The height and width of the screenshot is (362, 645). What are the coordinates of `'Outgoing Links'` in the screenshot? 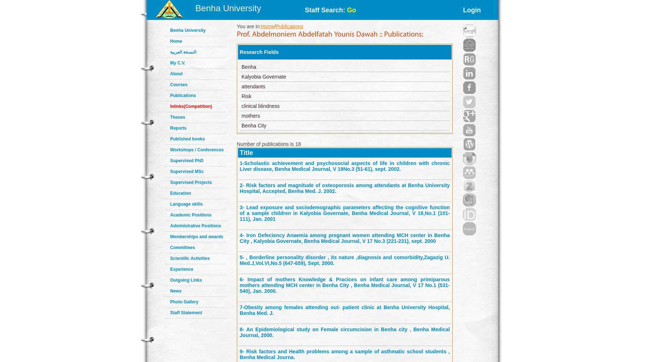 It's located at (186, 280).